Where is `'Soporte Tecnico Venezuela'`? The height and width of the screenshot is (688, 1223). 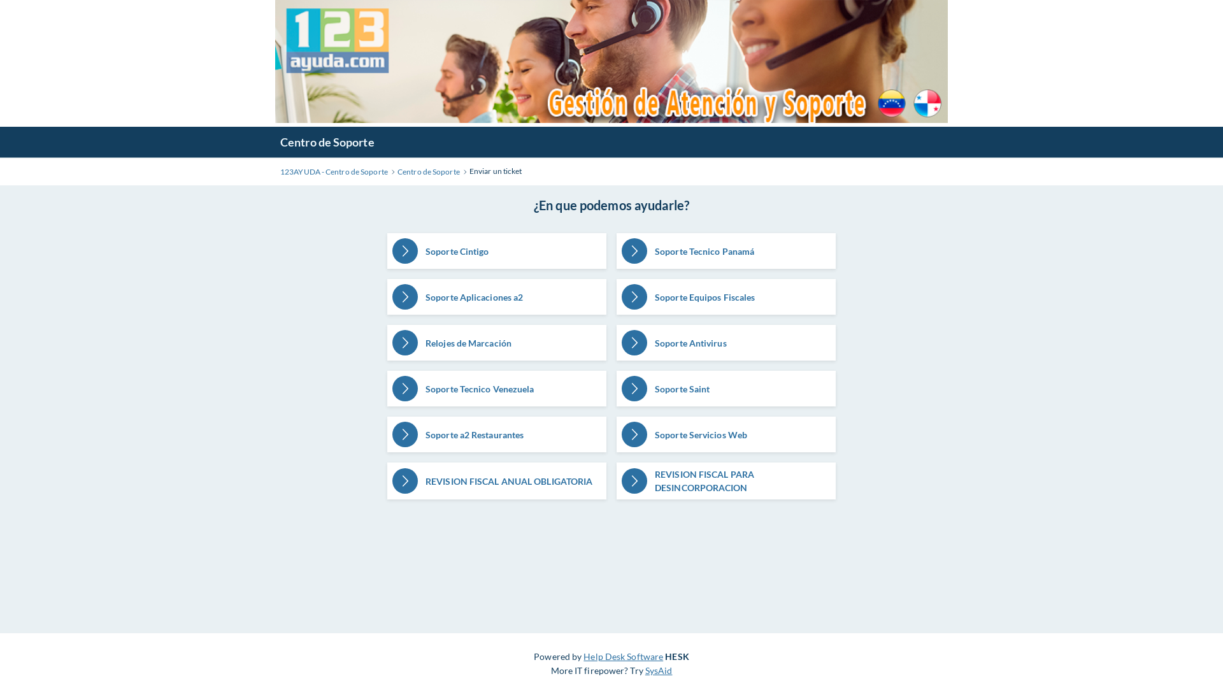
'Soporte Tecnico Venezuela' is located at coordinates (496, 387).